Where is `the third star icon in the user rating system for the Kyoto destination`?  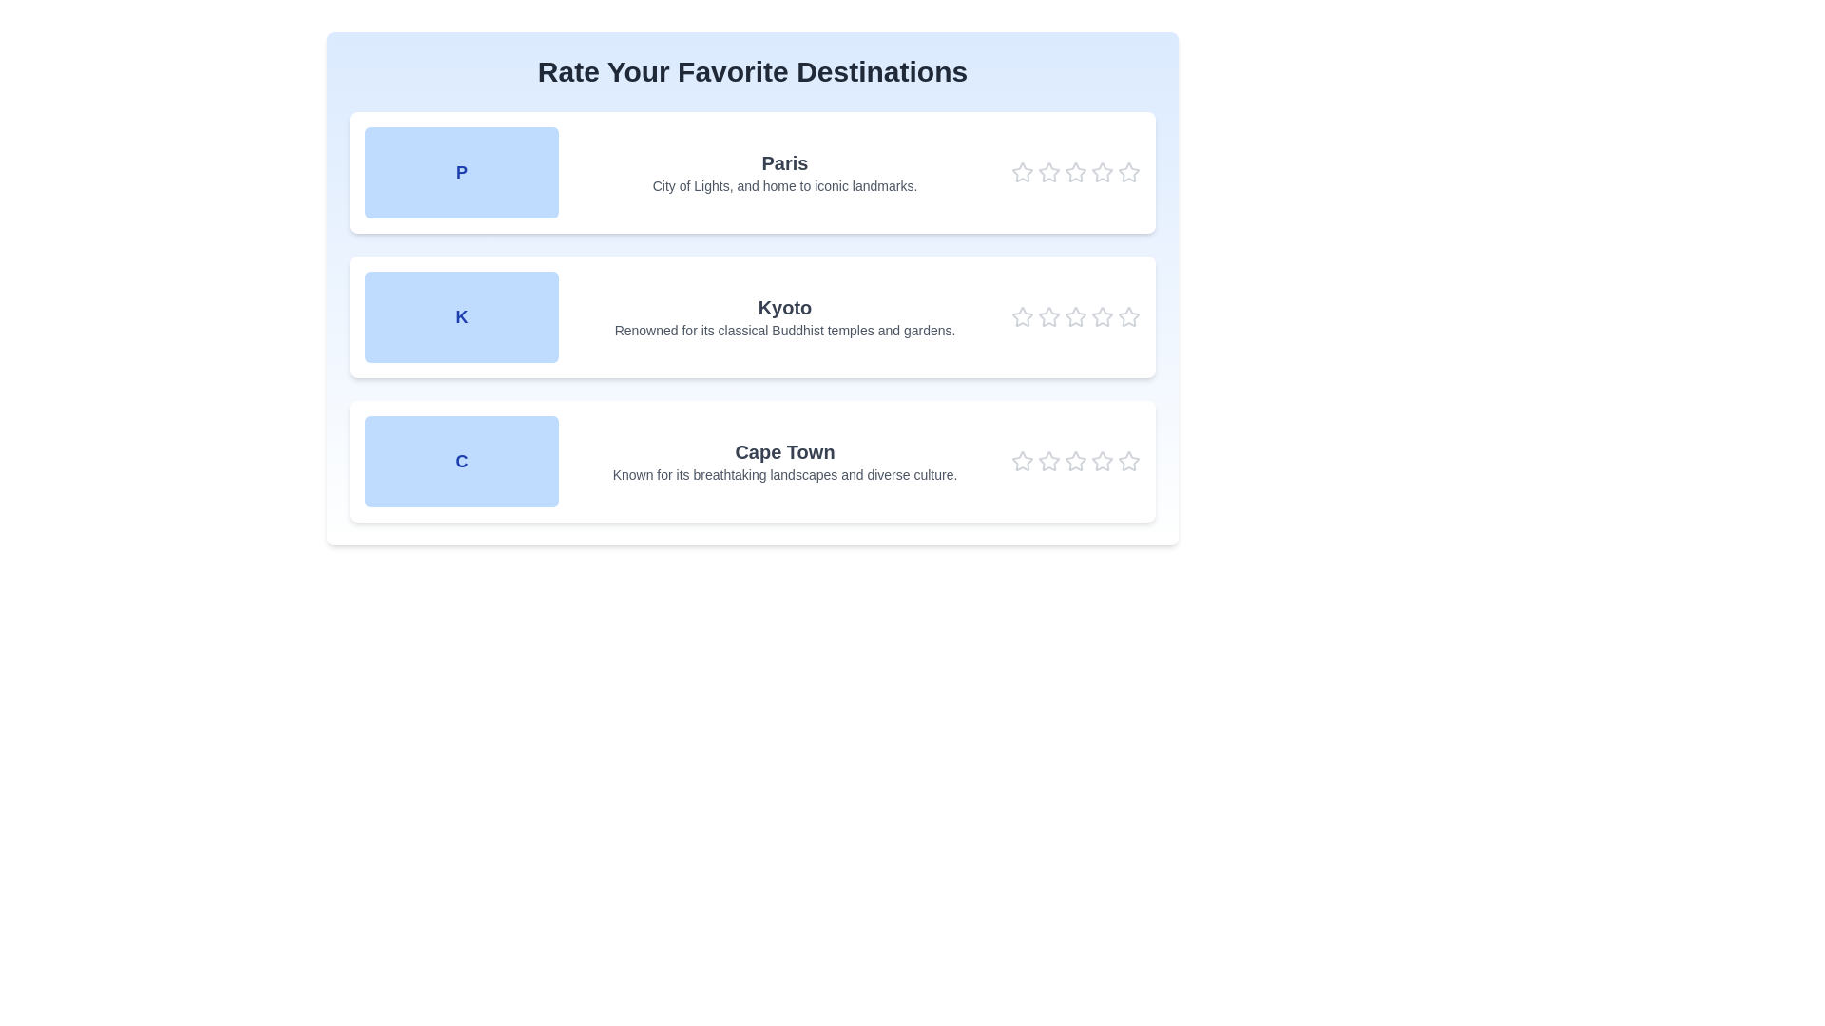 the third star icon in the user rating system for the Kyoto destination is located at coordinates (1076, 316).